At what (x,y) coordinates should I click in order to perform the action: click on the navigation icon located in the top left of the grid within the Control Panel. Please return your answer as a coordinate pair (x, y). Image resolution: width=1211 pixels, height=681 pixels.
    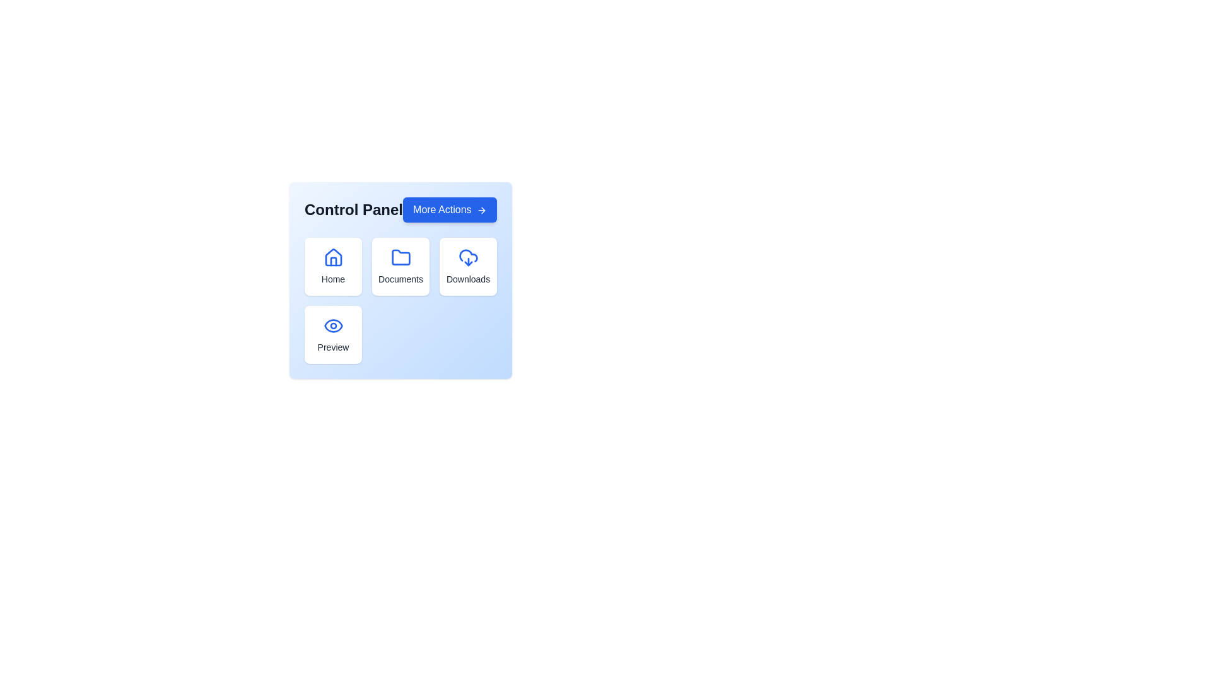
    Looking at the image, I should click on (333, 257).